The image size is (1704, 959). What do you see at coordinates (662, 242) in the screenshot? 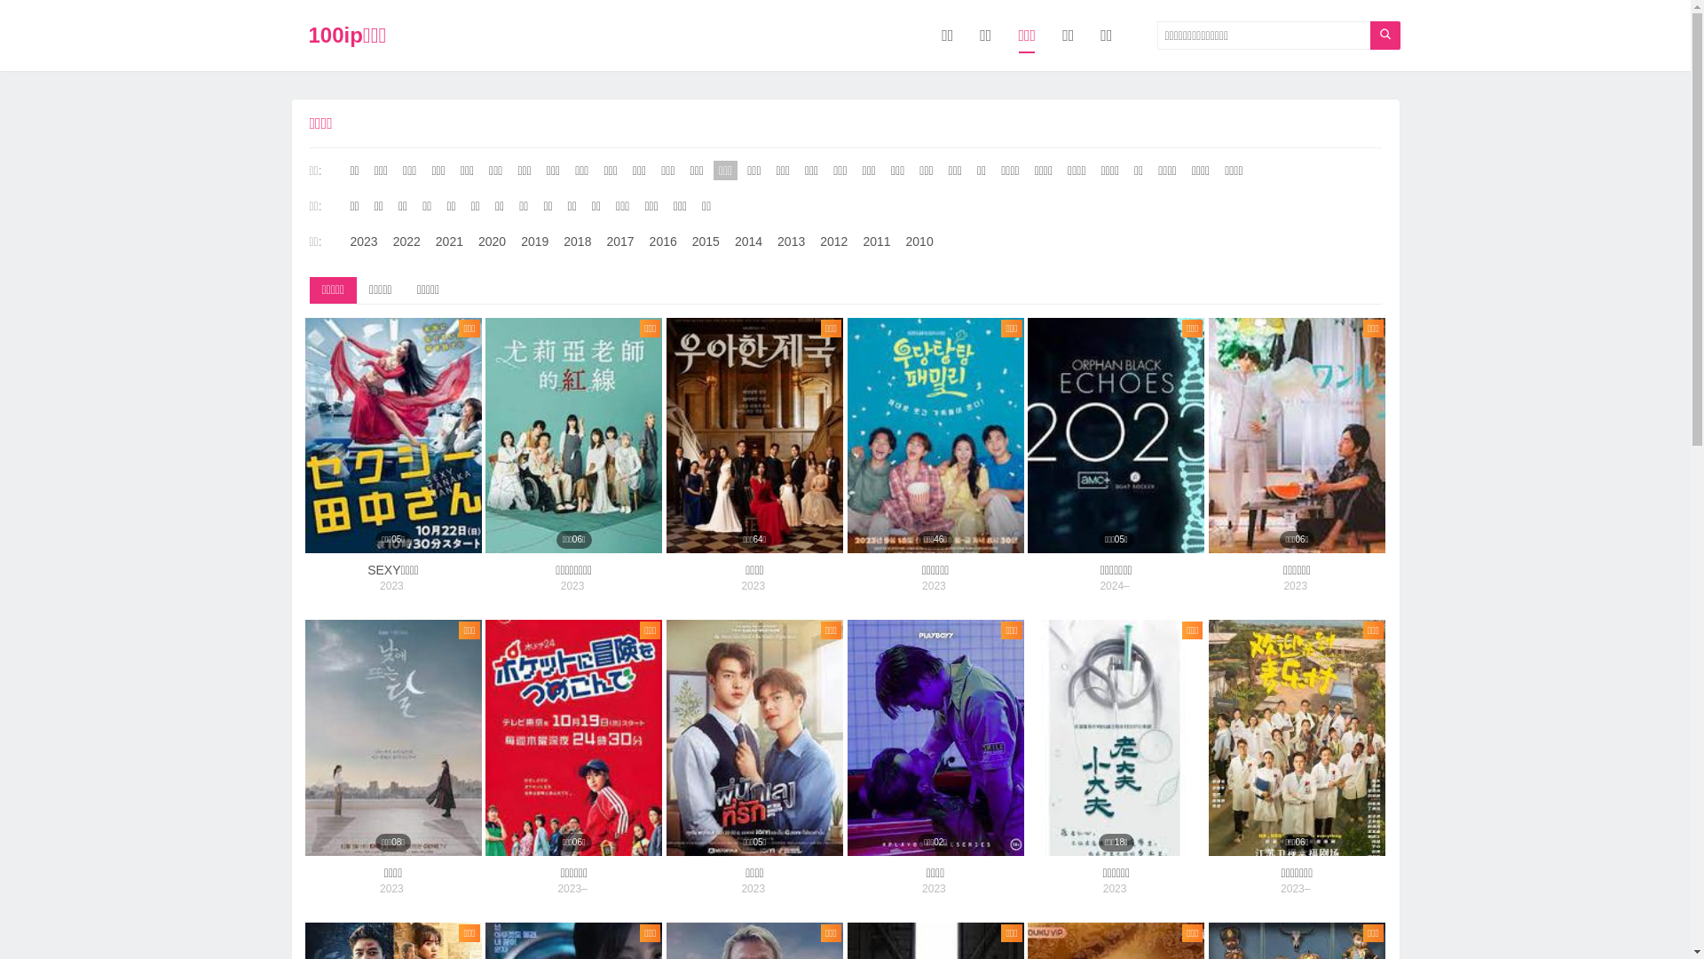
I see `'2016'` at bounding box center [662, 242].